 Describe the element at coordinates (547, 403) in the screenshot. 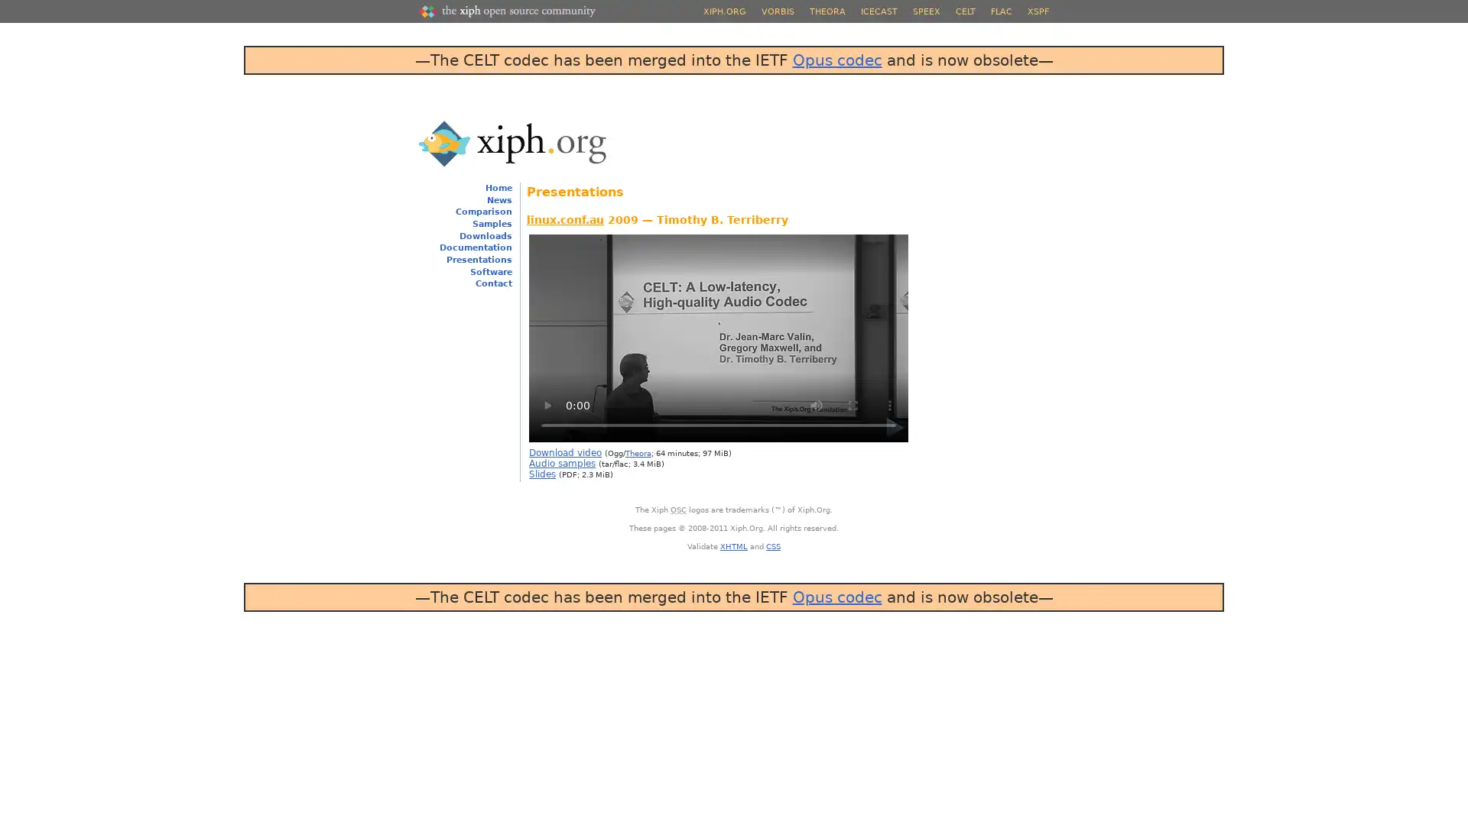

I see `play` at that location.